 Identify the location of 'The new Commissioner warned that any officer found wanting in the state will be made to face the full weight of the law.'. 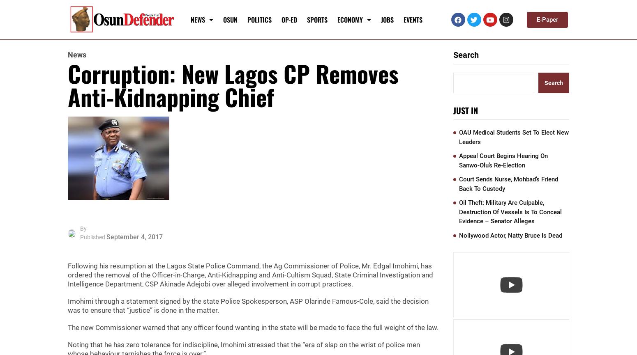
(67, 327).